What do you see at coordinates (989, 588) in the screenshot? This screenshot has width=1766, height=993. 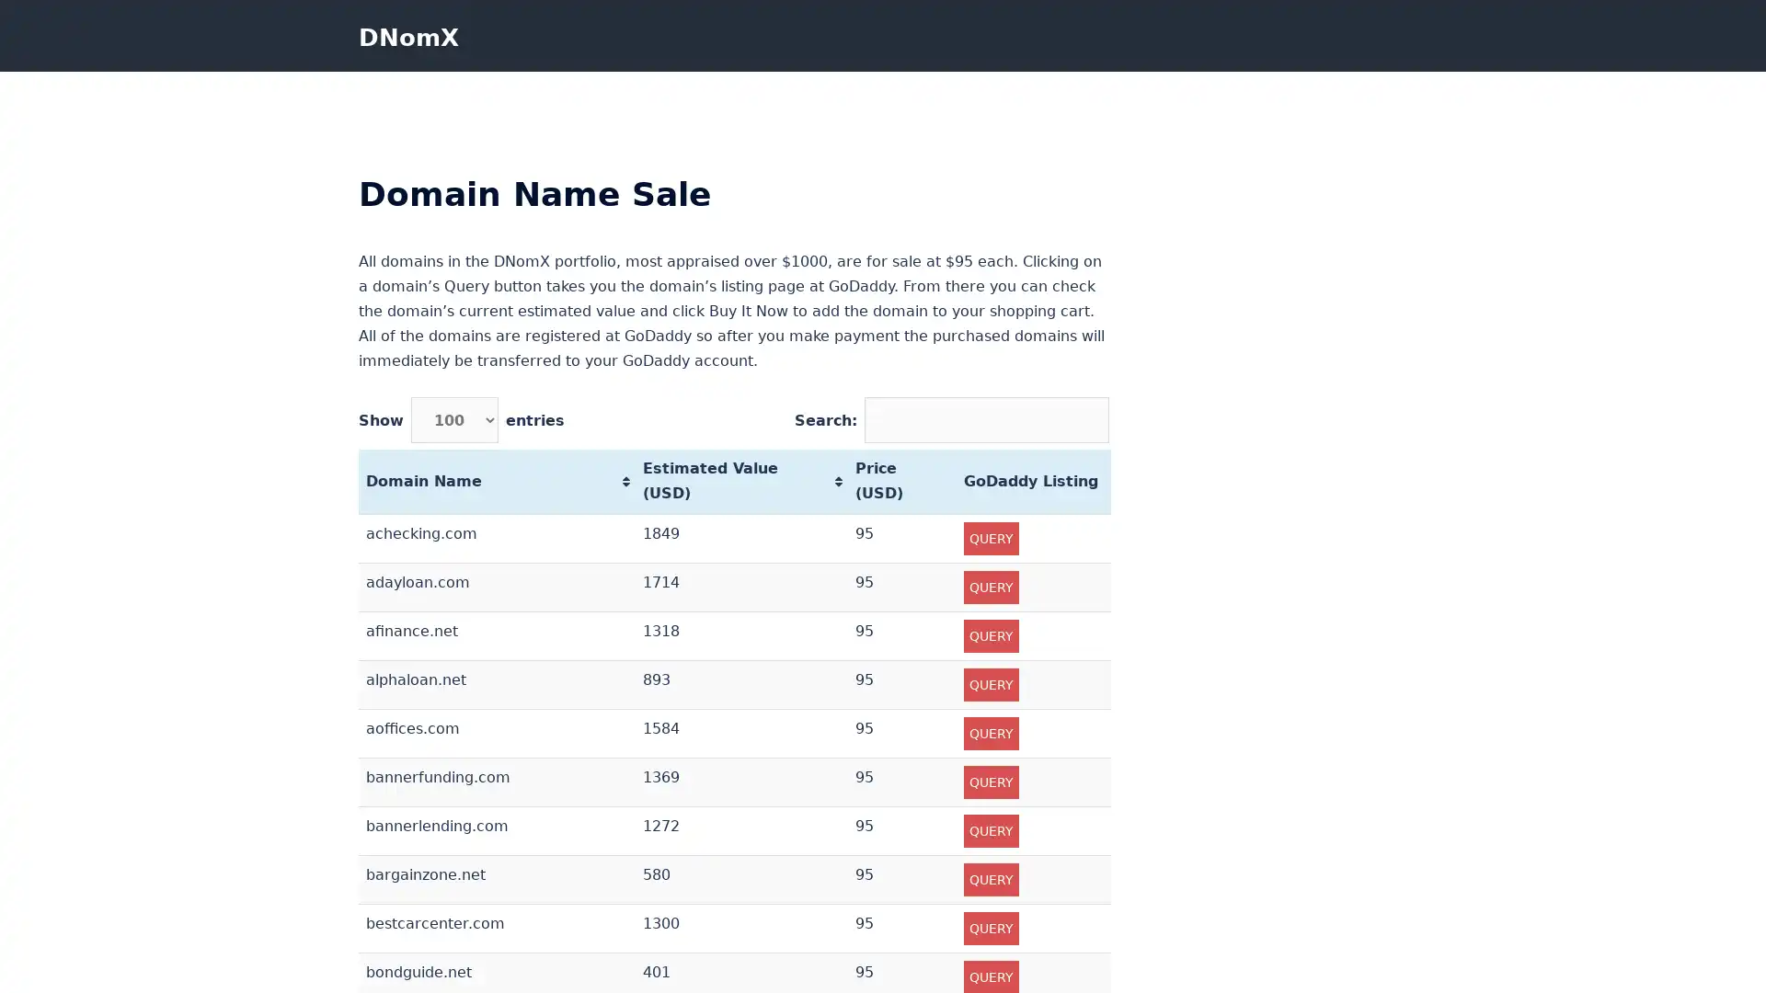 I see `QUERY` at bounding box center [989, 588].